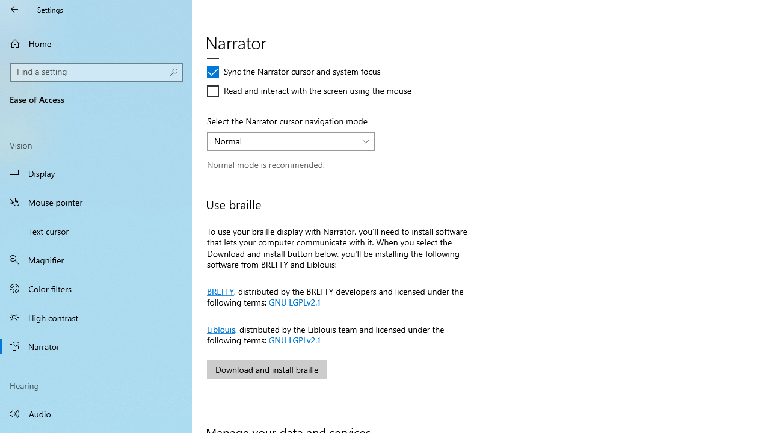 The height and width of the screenshot is (433, 770). Describe the element at coordinates (220, 290) in the screenshot. I see `'BRLTTY'` at that location.